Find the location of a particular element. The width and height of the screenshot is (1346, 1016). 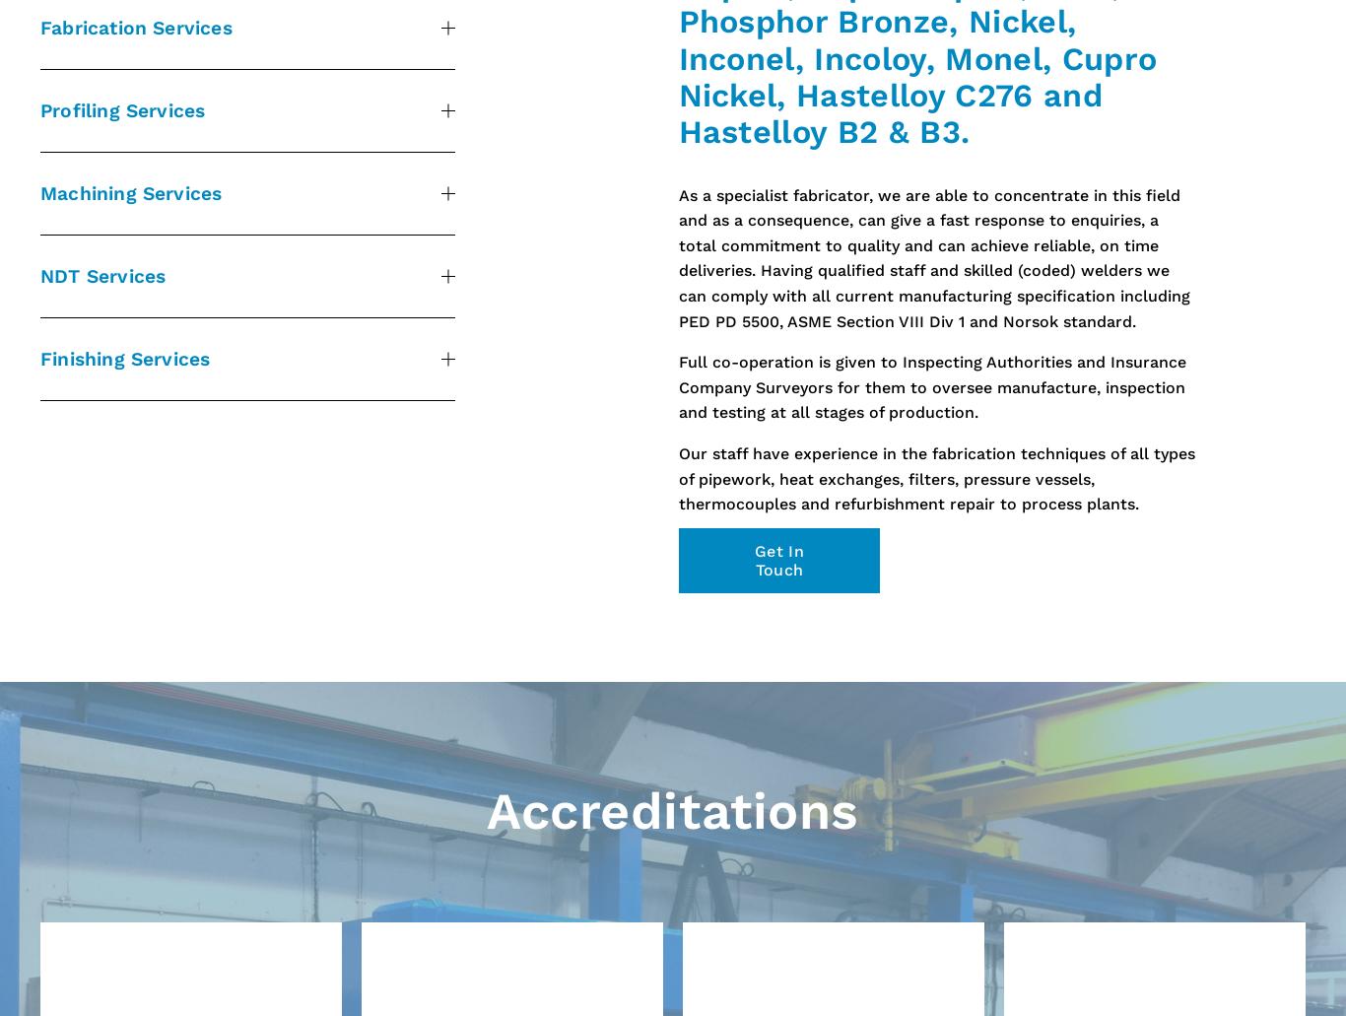

'Machining Services' is located at coordinates (129, 191).